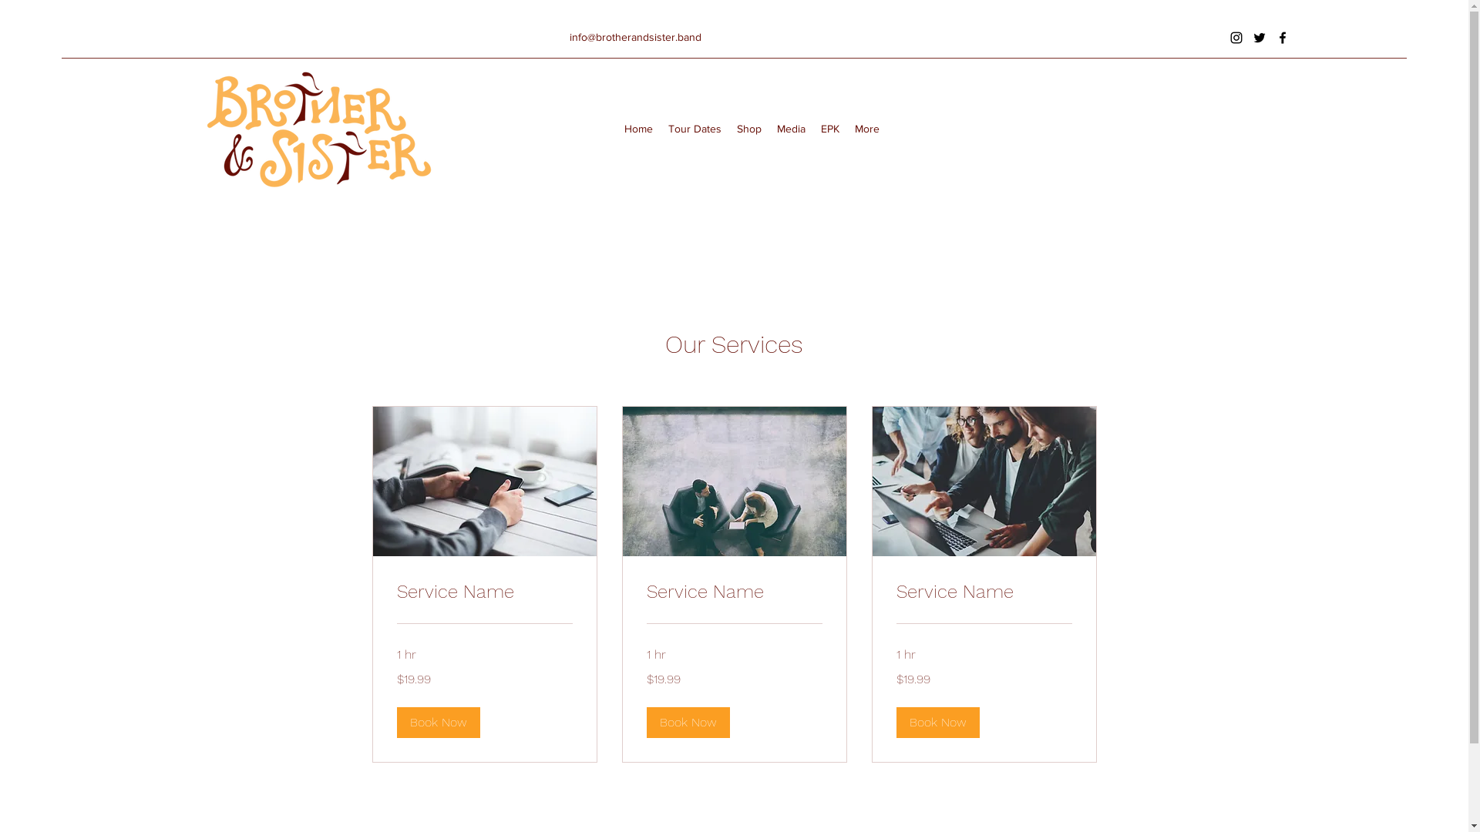 Image resolution: width=1480 pixels, height=832 pixels. What do you see at coordinates (791, 127) in the screenshot?
I see `'Media'` at bounding box center [791, 127].